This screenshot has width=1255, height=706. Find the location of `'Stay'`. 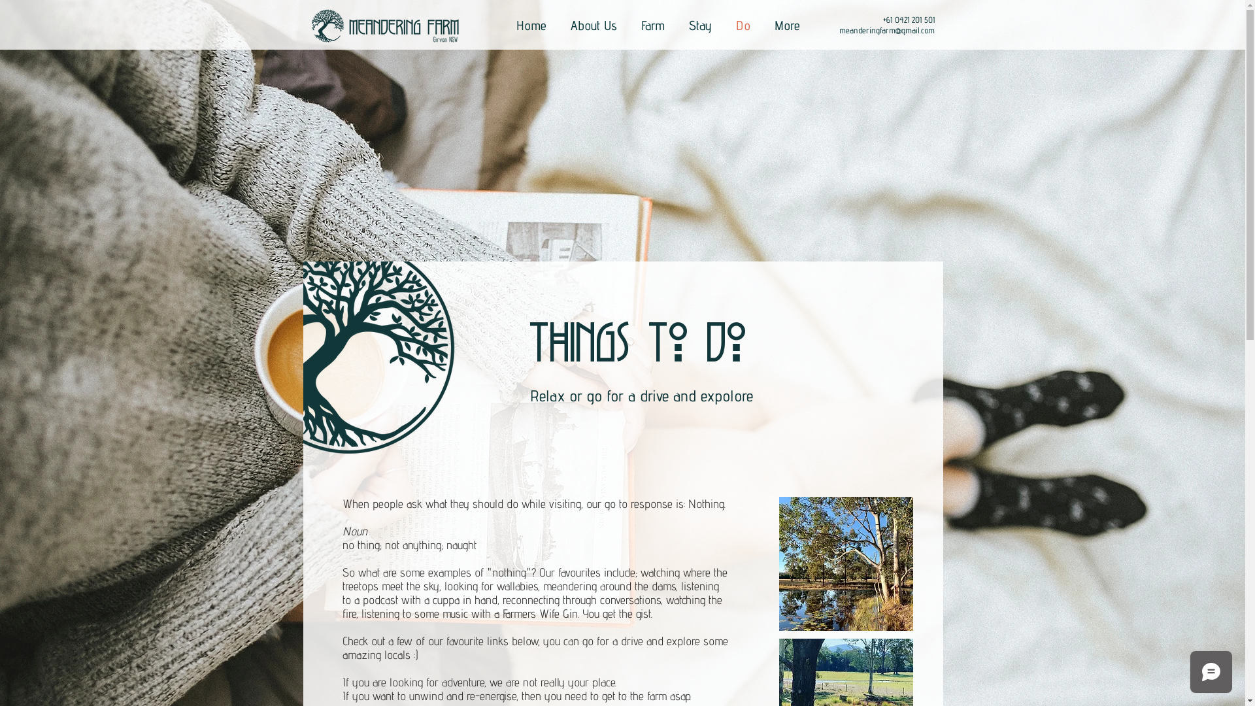

'Stay' is located at coordinates (677, 25).